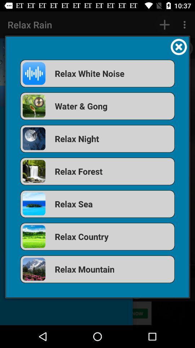 This screenshot has width=195, height=348. What do you see at coordinates (97, 73) in the screenshot?
I see `app above water & gong app` at bounding box center [97, 73].